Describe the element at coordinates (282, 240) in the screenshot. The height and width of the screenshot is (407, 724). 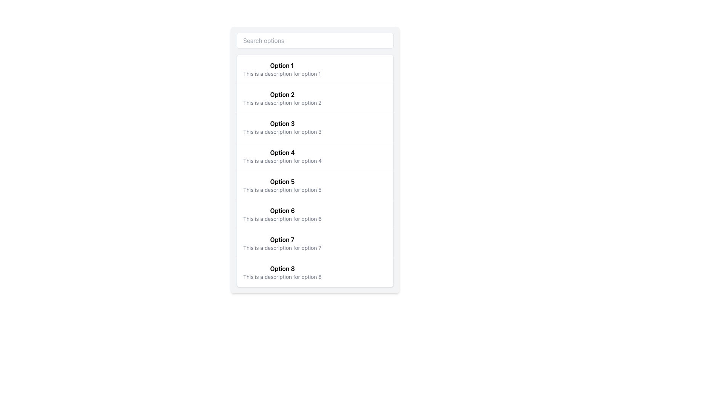
I see `the text label displaying 'Option 7', which is styled in bold and black, distinguishing it from the description text below` at that location.